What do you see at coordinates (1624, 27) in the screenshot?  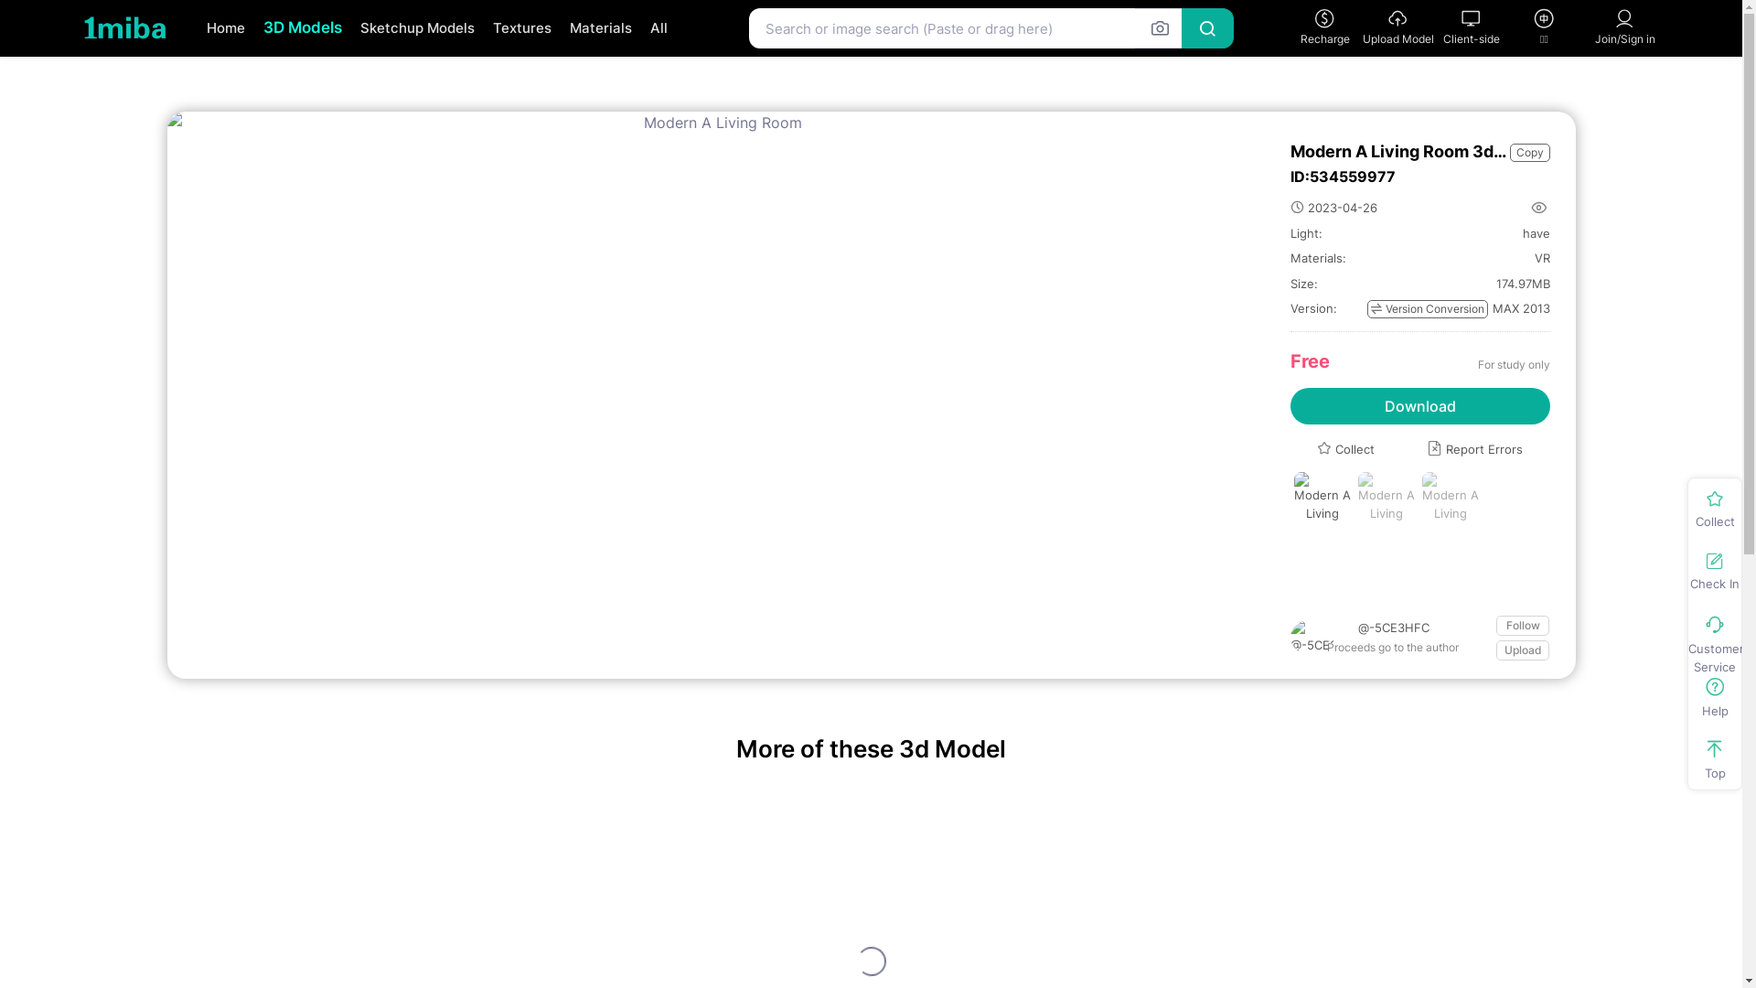 I see `'Join/Sign in'` at bounding box center [1624, 27].